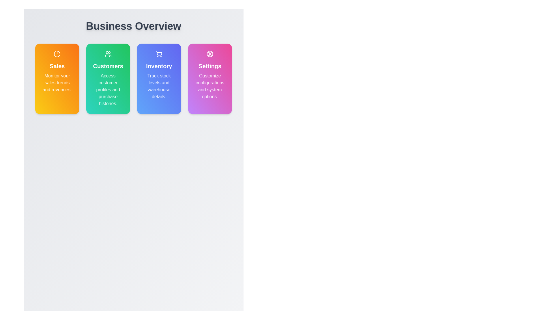 The width and height of the screenshot is (554, 312). Describe the element at coordinates (57, 83) in the screenshot. I see `the second text element within the orange card titled 'Sales' in the 'Business Overview' section, which provides an informative description about the Sales section` at that location.